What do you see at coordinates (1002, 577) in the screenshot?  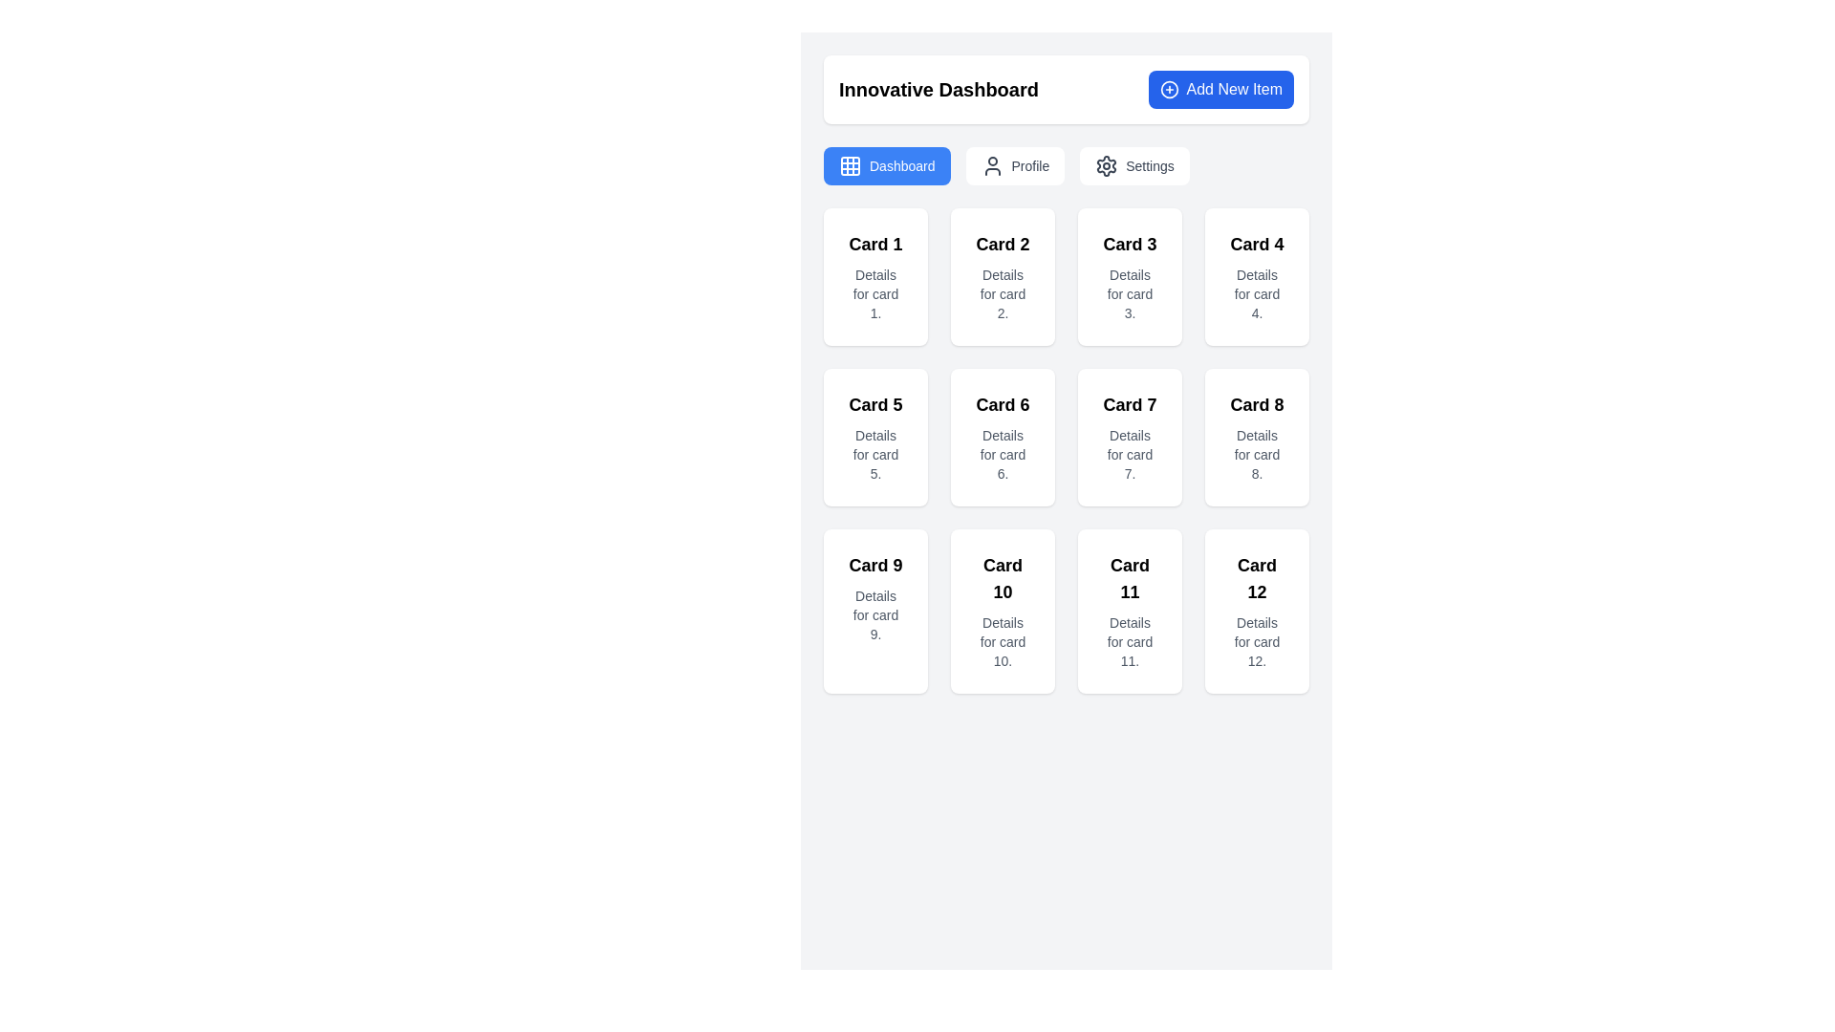 I see `on the text block displaying 'Card 10' located in the card layout, specifically as the first line of text content in the third row and second column` at bounding box center [1002, 577].